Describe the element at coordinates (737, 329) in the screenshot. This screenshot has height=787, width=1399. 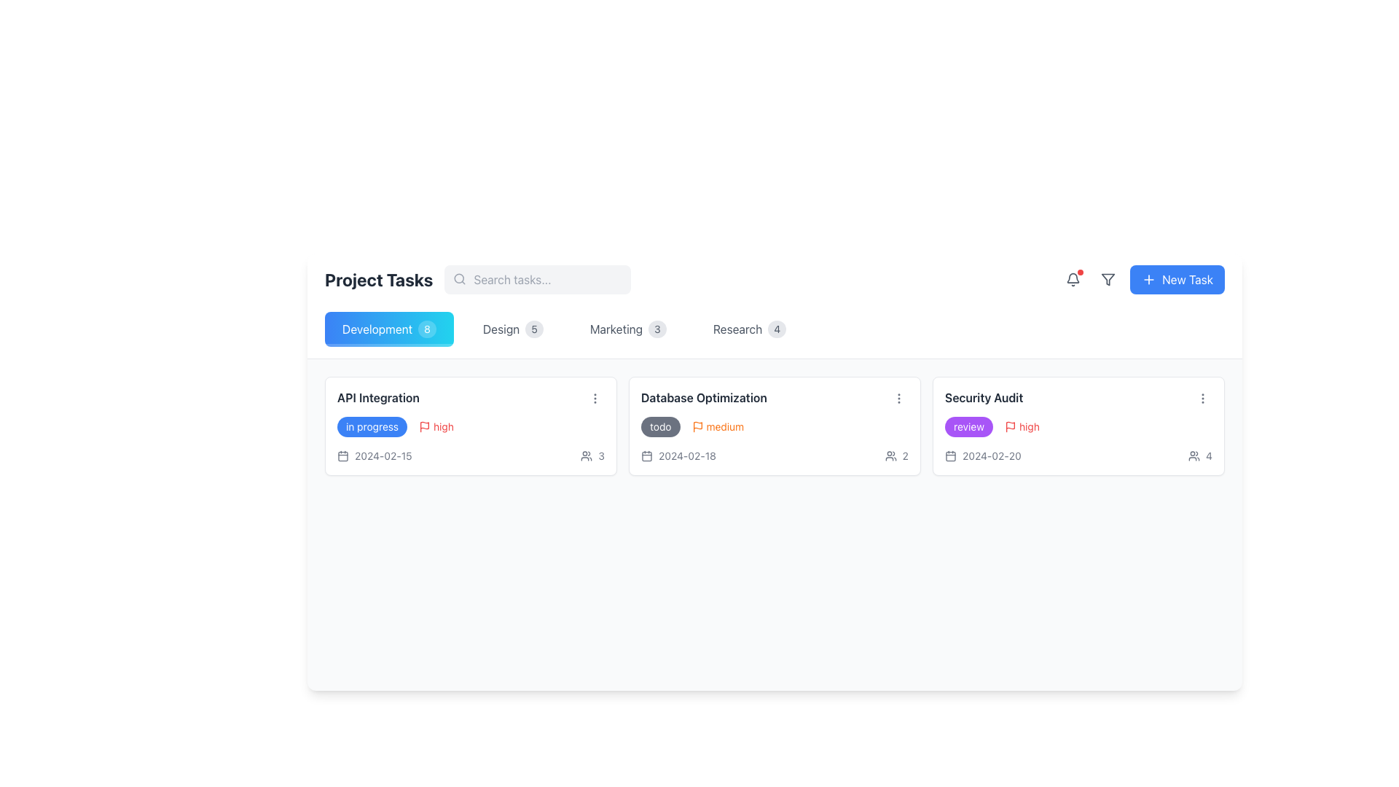
I see `the 'Research' text label` at that location.